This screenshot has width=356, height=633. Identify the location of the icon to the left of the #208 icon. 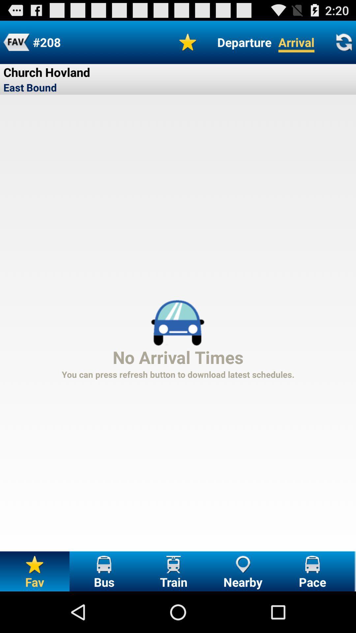
(16, 42).